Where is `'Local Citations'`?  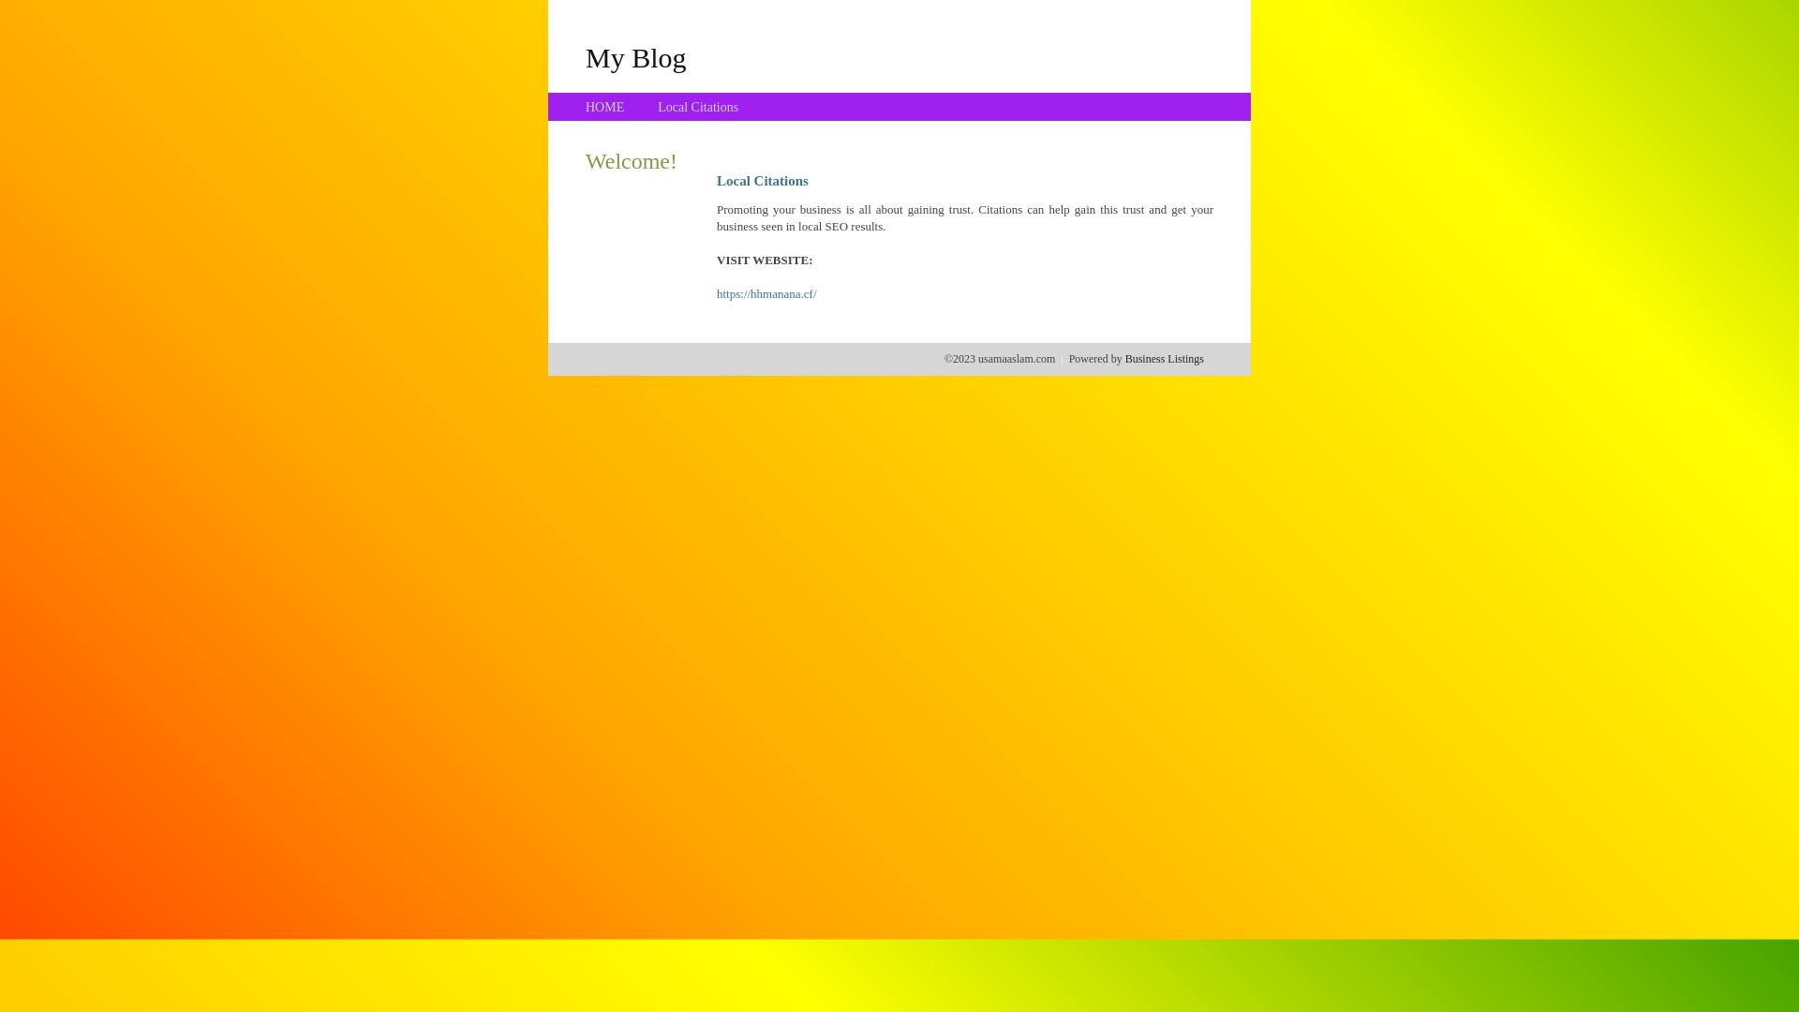
'Local Citations' is located at coordinates (657, 107).